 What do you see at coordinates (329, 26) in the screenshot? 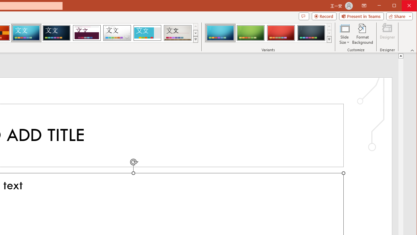
I see `'Row up'` at bounding box center [329, 26].